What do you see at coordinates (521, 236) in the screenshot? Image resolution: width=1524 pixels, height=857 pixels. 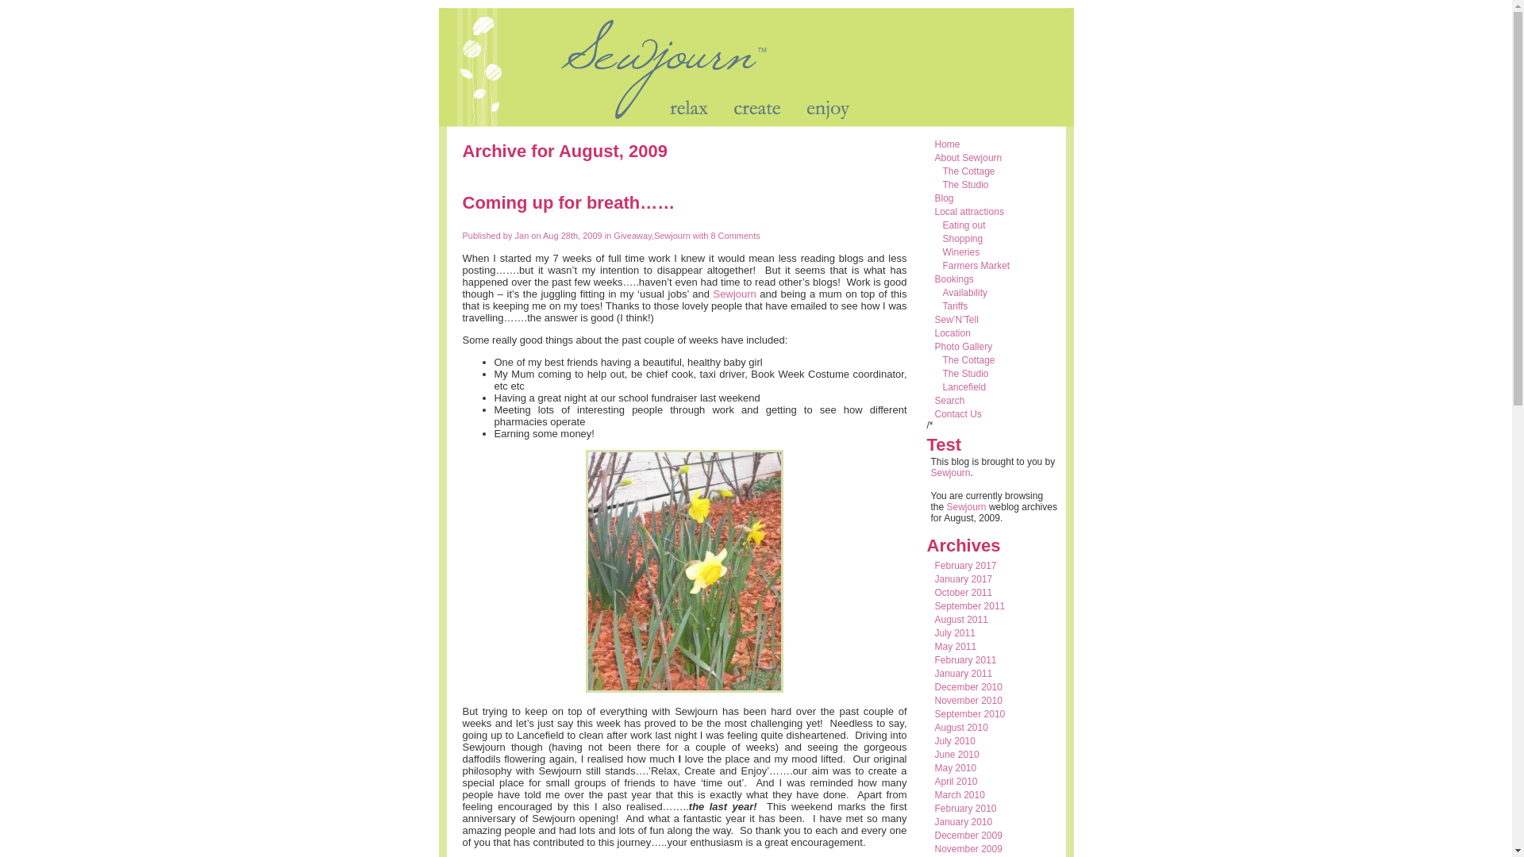 I see `'Jan'` at bounding box center [521, 236].